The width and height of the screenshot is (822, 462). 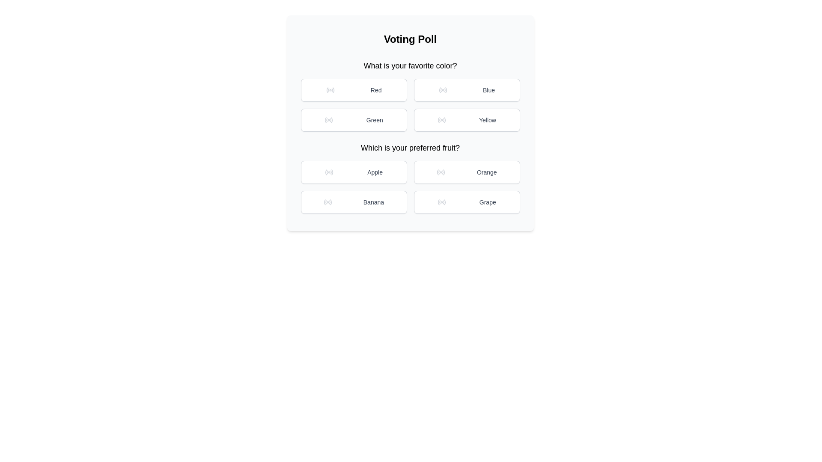 I want to click on the radio button labeled 'Red' to navigate via keyboard, so click(x=354, y=90).